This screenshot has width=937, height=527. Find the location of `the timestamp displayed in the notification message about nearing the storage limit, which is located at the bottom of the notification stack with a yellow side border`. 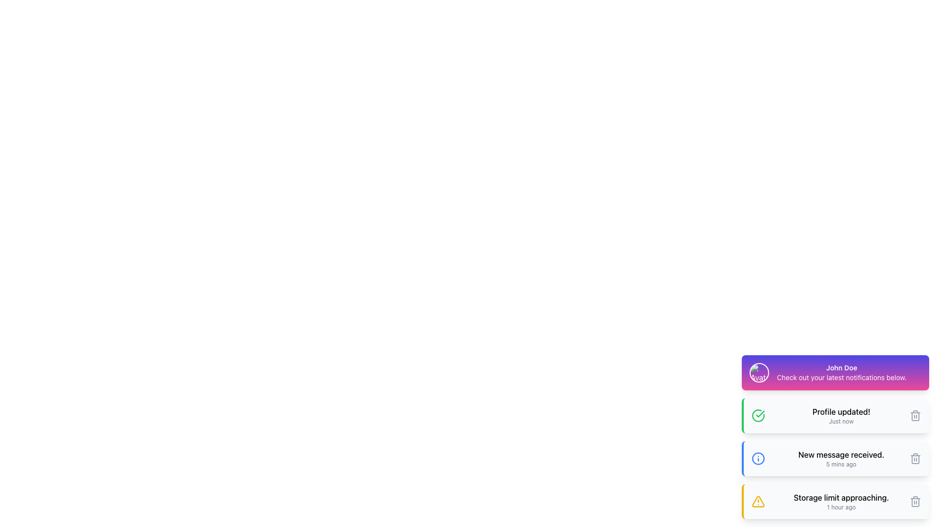

the timestamp displayed in the notification message about nearing the storage limit, which is located at the bottom of the notification stack with a yellow side border is located at coordinates (840, 502).